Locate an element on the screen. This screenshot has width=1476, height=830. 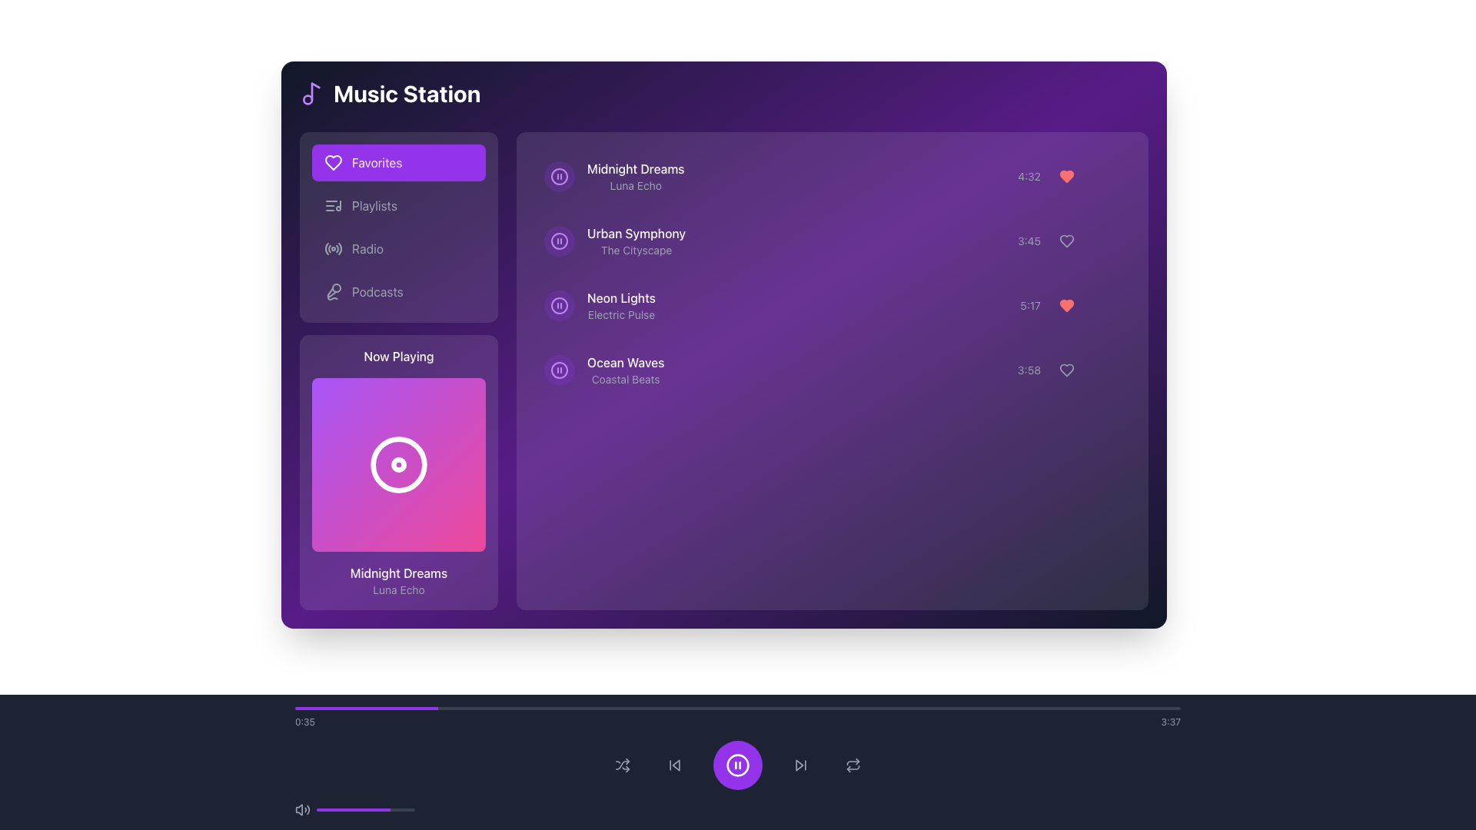
the play/pause button for the first song option in the playlist of the 'Music Station' interface is located at coordinates (832, 176).